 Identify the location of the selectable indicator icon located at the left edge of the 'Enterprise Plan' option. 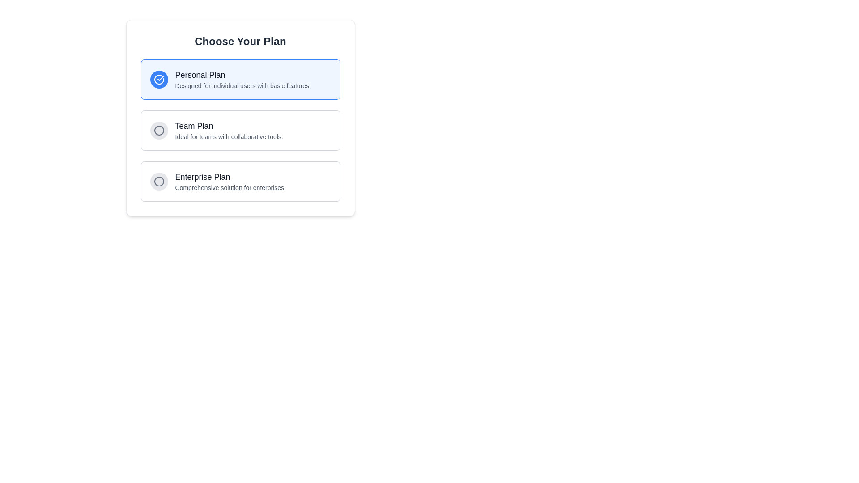
(159, 181).